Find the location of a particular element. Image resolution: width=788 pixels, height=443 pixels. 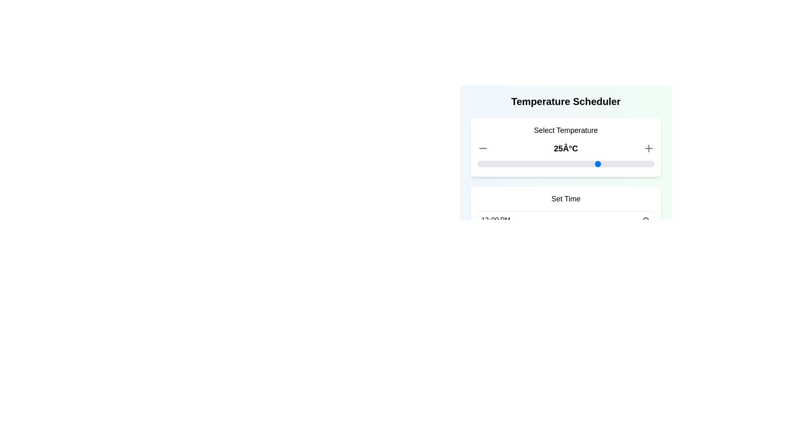

the plus icon button located to the right of the temperature display ('25°C') to increase the temperature is located at coordinates (648, 148).